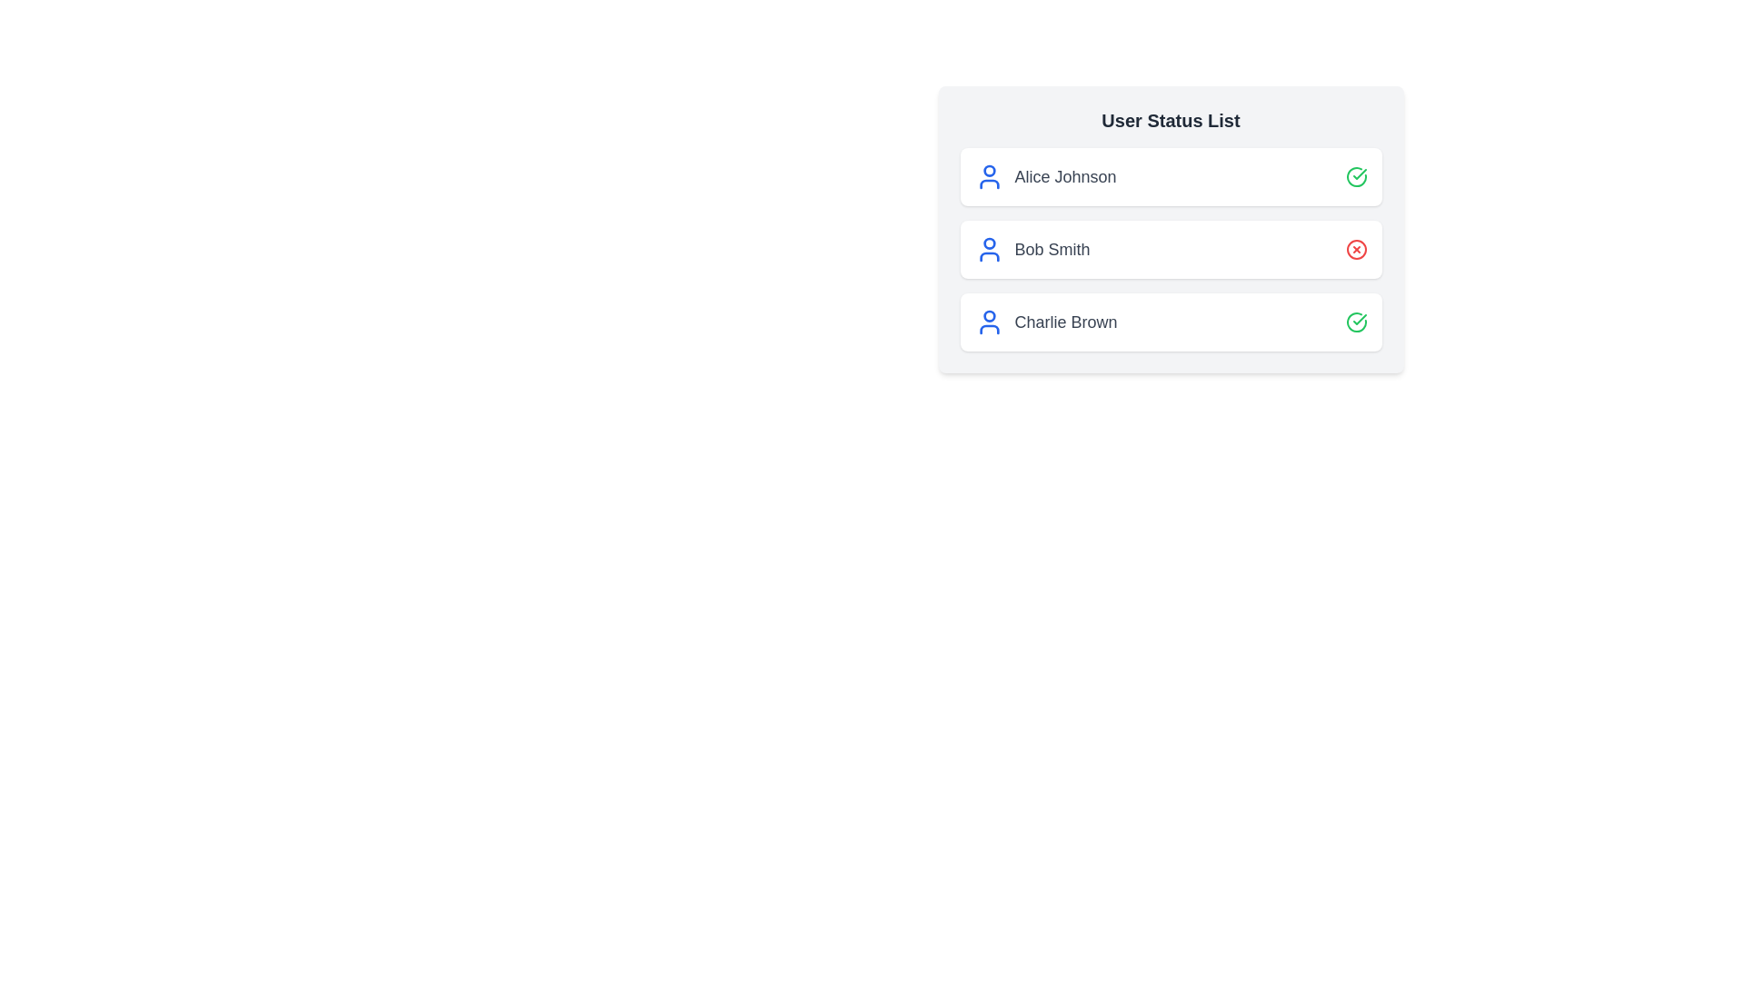  I want to click on the status icon for Alice Johnson, so click(1356, 177).